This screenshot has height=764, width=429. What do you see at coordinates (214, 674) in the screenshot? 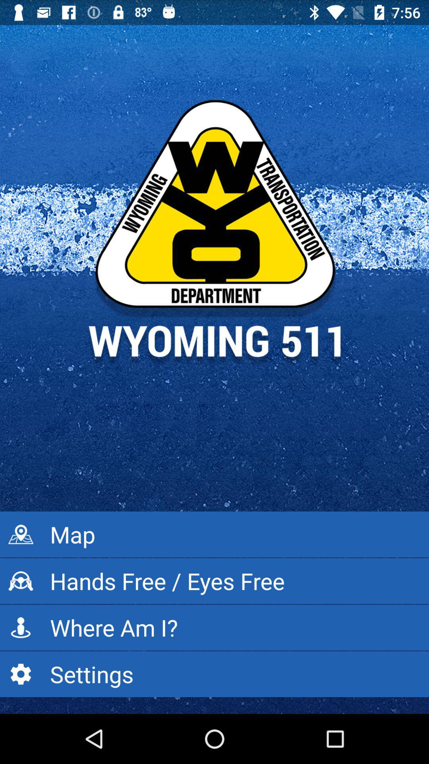
I see `settings app` at bounding box center [214, 674].